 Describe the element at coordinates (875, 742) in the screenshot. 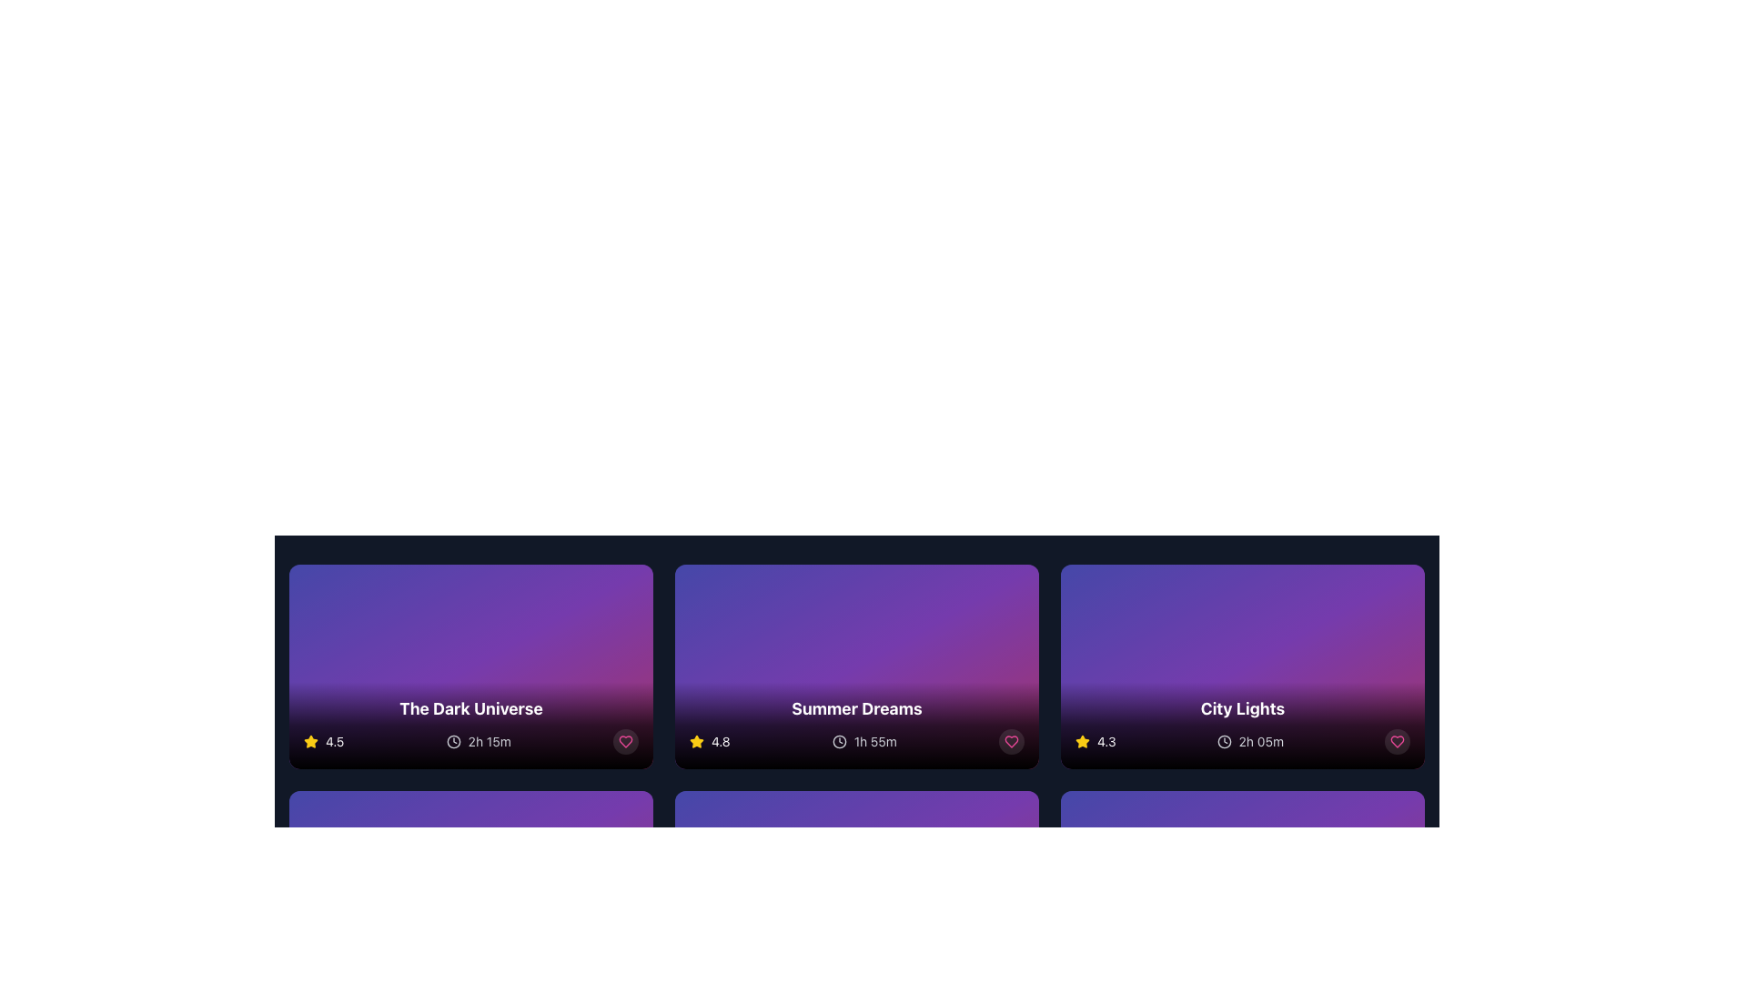

I see `the '1h 55m' label element, which is displayed in light gray color next` at that location.